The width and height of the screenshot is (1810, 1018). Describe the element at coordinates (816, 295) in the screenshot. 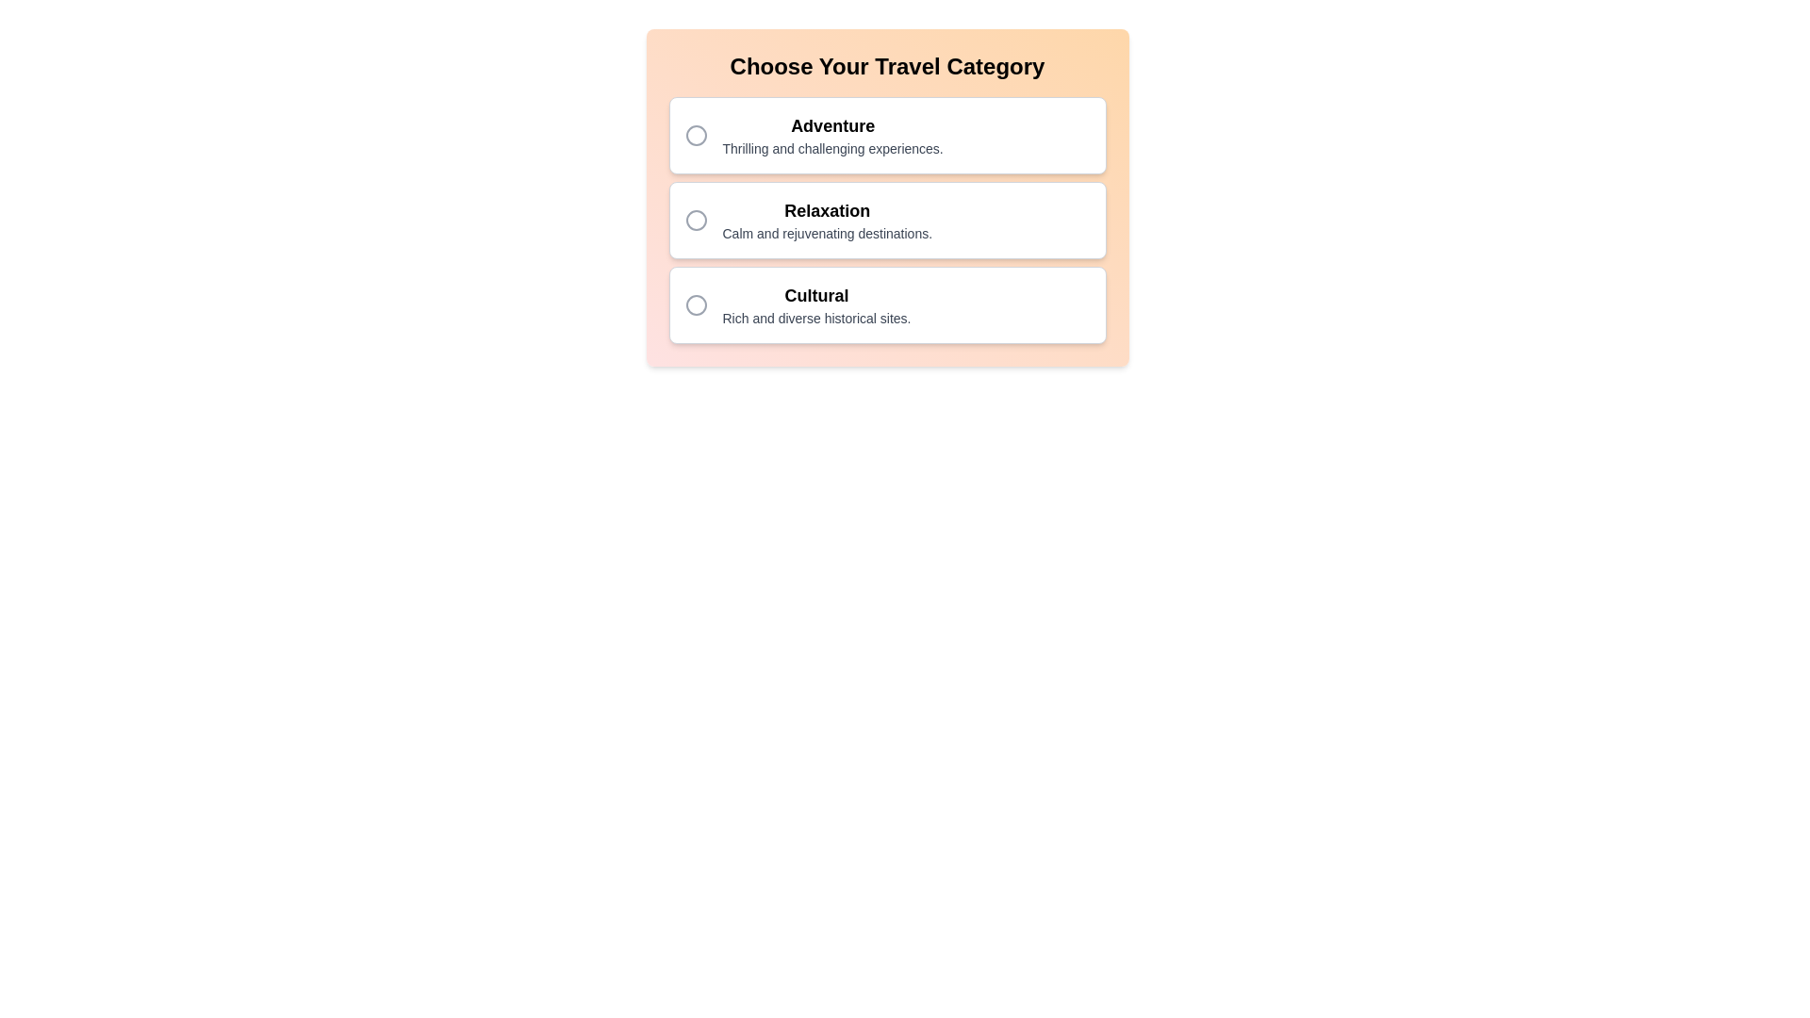

I see `the Header Text element that serves as a heading label for the associated travel category option, located above the descriptive text 'Rich and diverse historical sites.'` at that location.